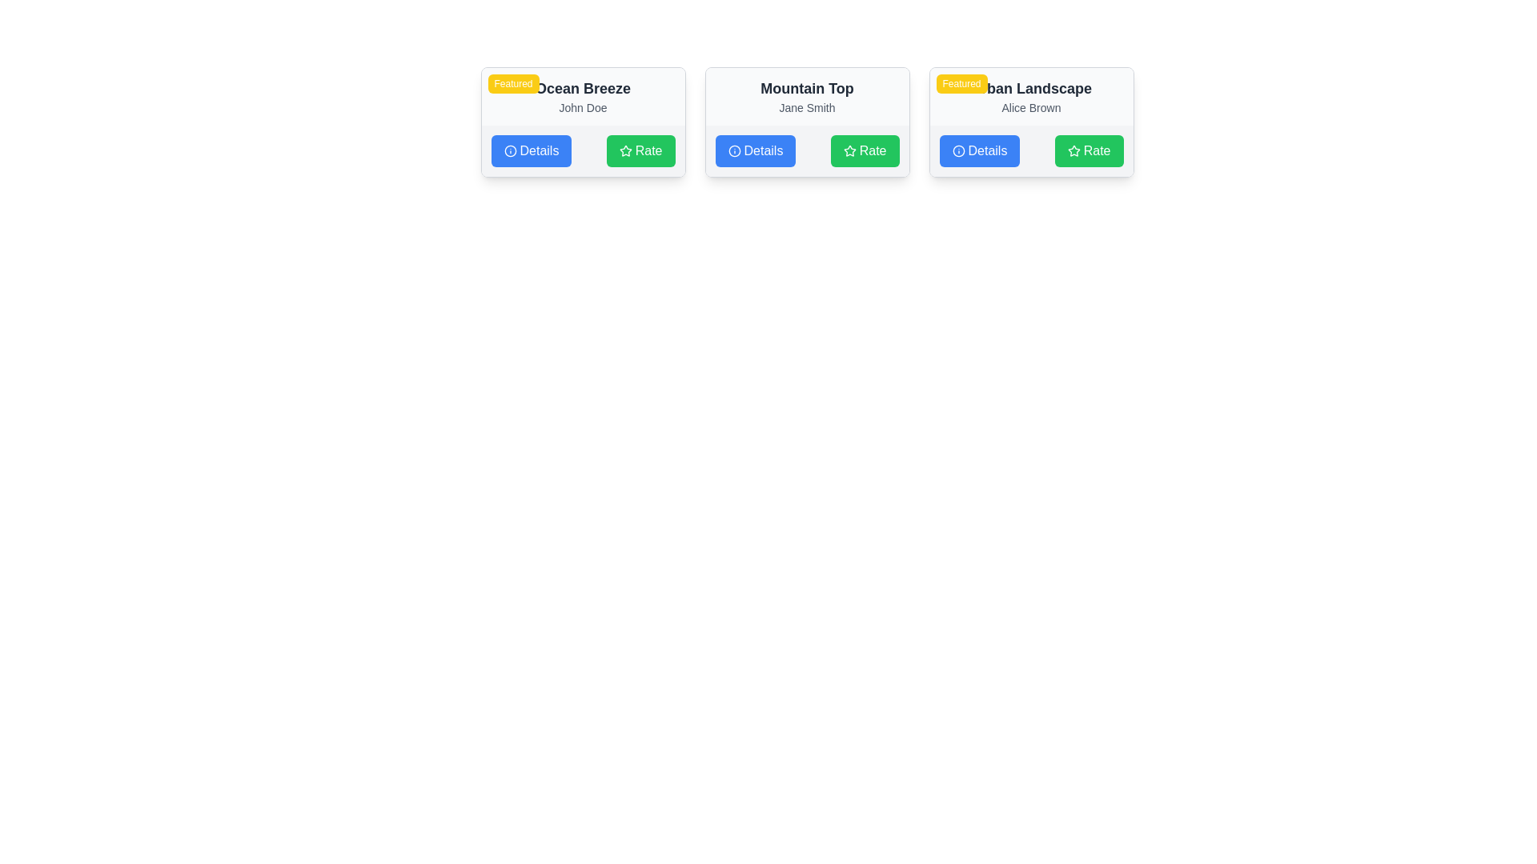 Image resolution: width=1537 pixels, height=864 pixels. What do you see at coordinates (1031, 89) in the screenshot?
I see `the Text Label that serves as a heading or title for the item, located to the immediate right of the 'Featured' badge and above the text 'Alice Brown'` at bounding box center [1031, 89].